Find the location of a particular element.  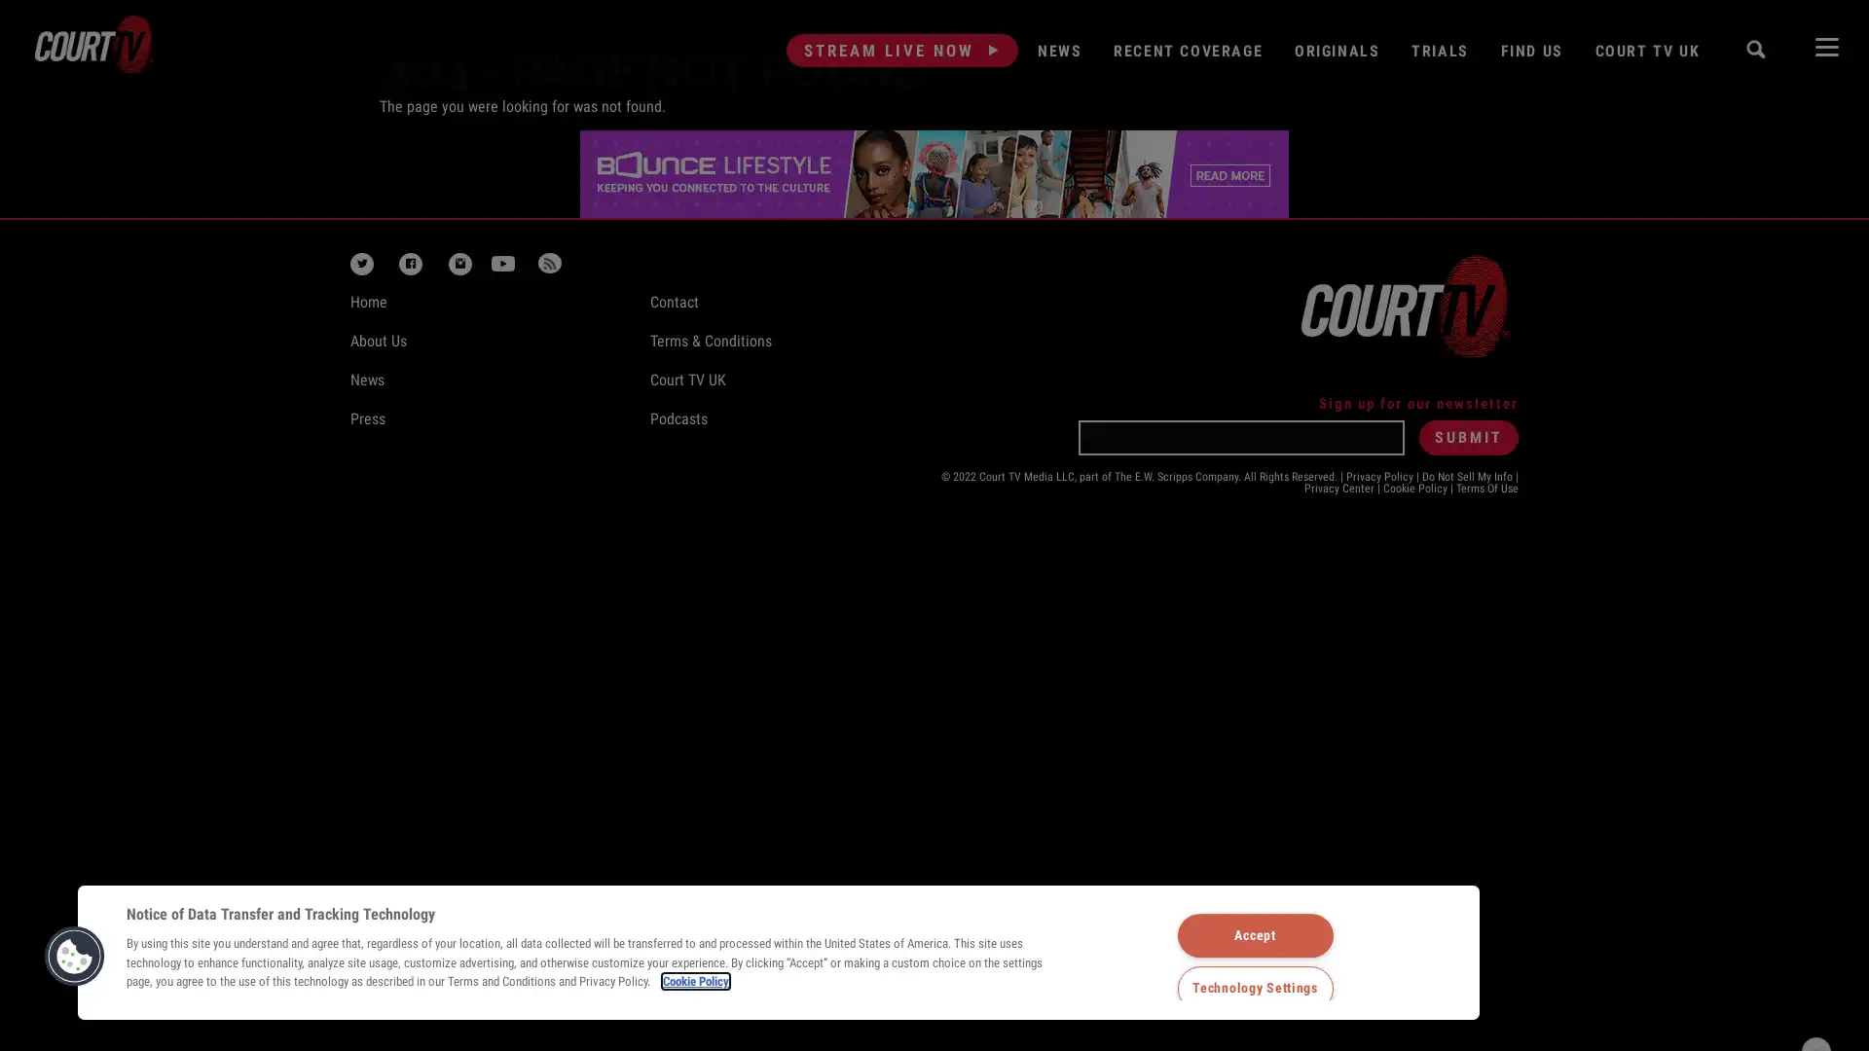

Technology Settings is located at coordinates (1255, 988).